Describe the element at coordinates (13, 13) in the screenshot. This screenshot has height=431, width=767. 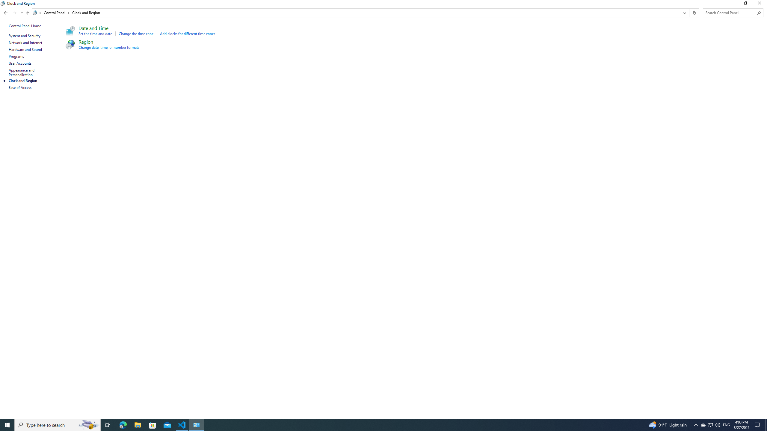
I see `'Navigation buttons'` at that location.